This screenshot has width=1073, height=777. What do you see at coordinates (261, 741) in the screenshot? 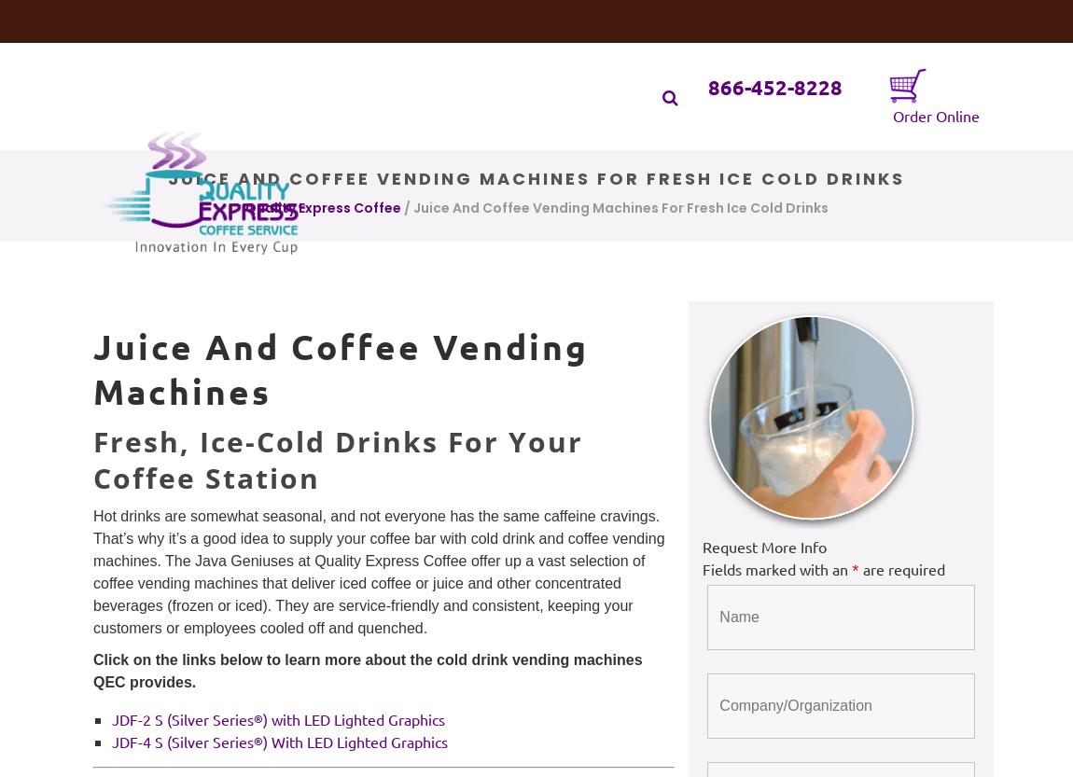
I see `') With LED Lighted Graphics'` at bounding box center [261, 741].